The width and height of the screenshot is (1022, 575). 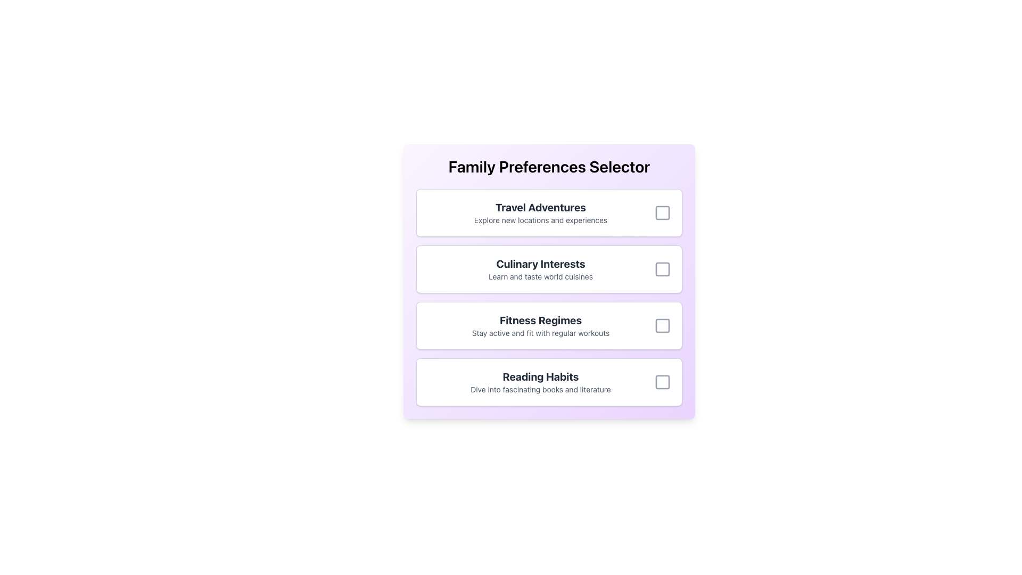 What do you see at coordinates (541, 276) in the screenshot?
I see `the text label that says 'Learn and taste world cuisines', which is located under the heading 'Culinary Interests'` at bounding box center [541, 276].